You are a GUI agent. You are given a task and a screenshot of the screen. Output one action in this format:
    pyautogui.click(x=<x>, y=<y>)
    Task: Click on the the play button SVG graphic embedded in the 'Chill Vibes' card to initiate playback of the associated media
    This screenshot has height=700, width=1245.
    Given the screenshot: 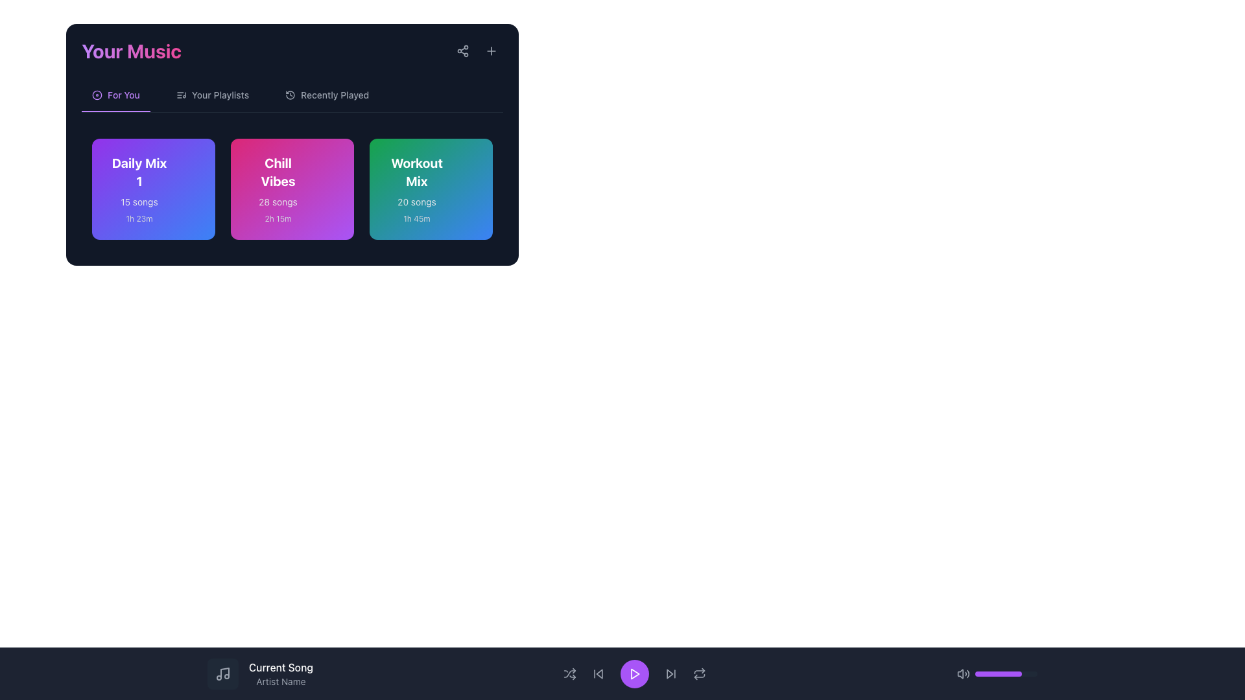 What is the action you would take?
    pyautogui.click(x=324, y=167)
    